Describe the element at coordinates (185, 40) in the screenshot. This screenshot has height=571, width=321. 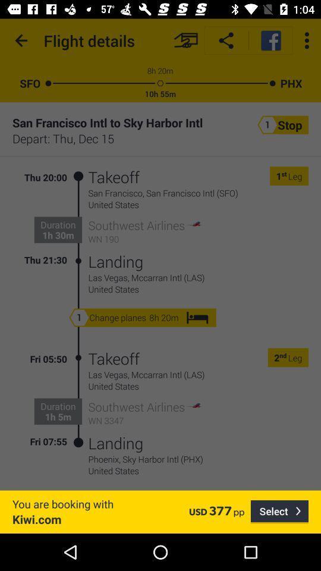
I see `book ticket` at that location.